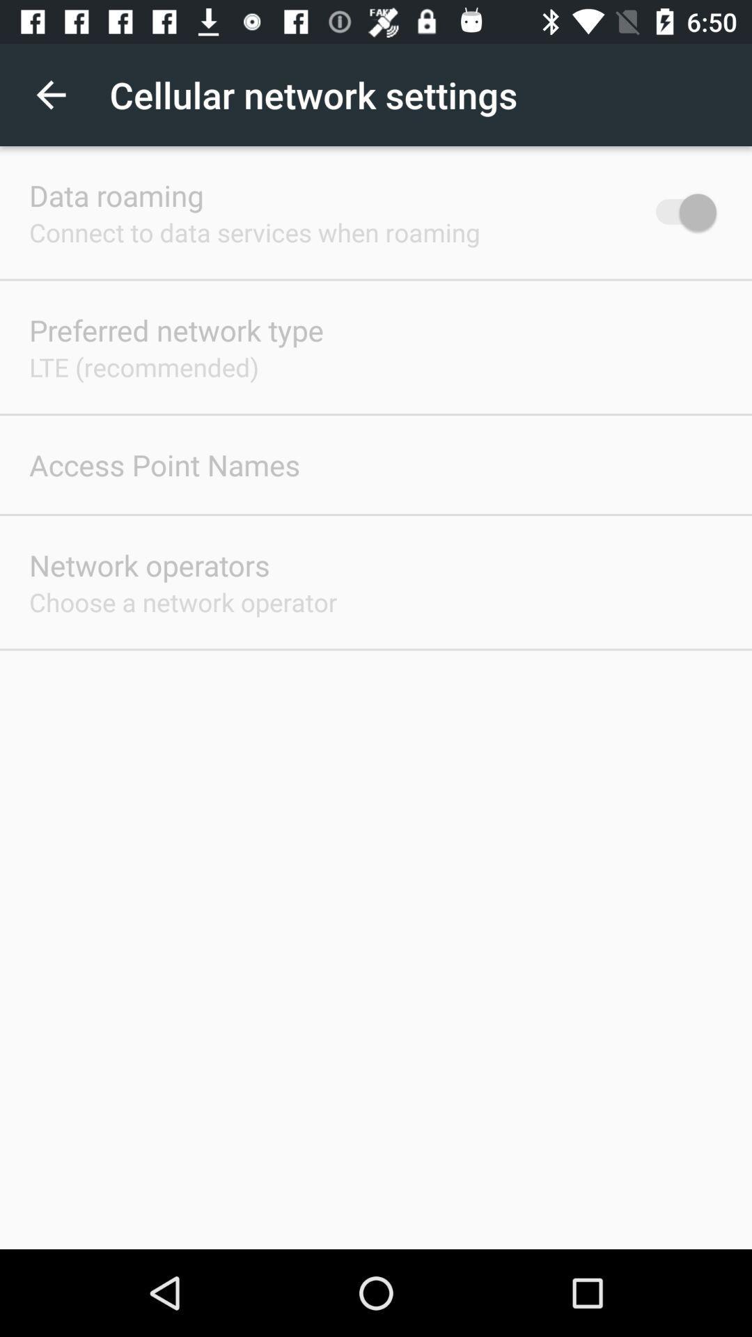  What do you see at coordinates (182, 602) in the screenshot?
I see `item below the network operators` at bounding box center [182, 602].